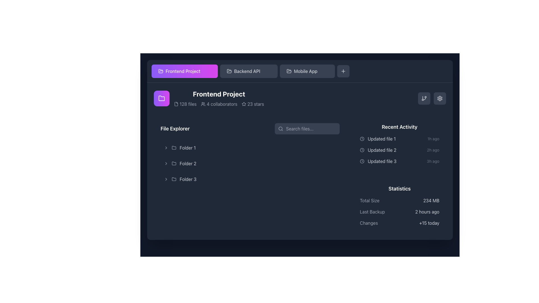 This screenshot has height=303, width=539. What do you see at coordinates (399, 161) in the screenshot?
I see `the third item in the 'Recent Activity' section, which displays a file update log indicating the file was updated 3 hours ago` at bounding box center [399, 161].